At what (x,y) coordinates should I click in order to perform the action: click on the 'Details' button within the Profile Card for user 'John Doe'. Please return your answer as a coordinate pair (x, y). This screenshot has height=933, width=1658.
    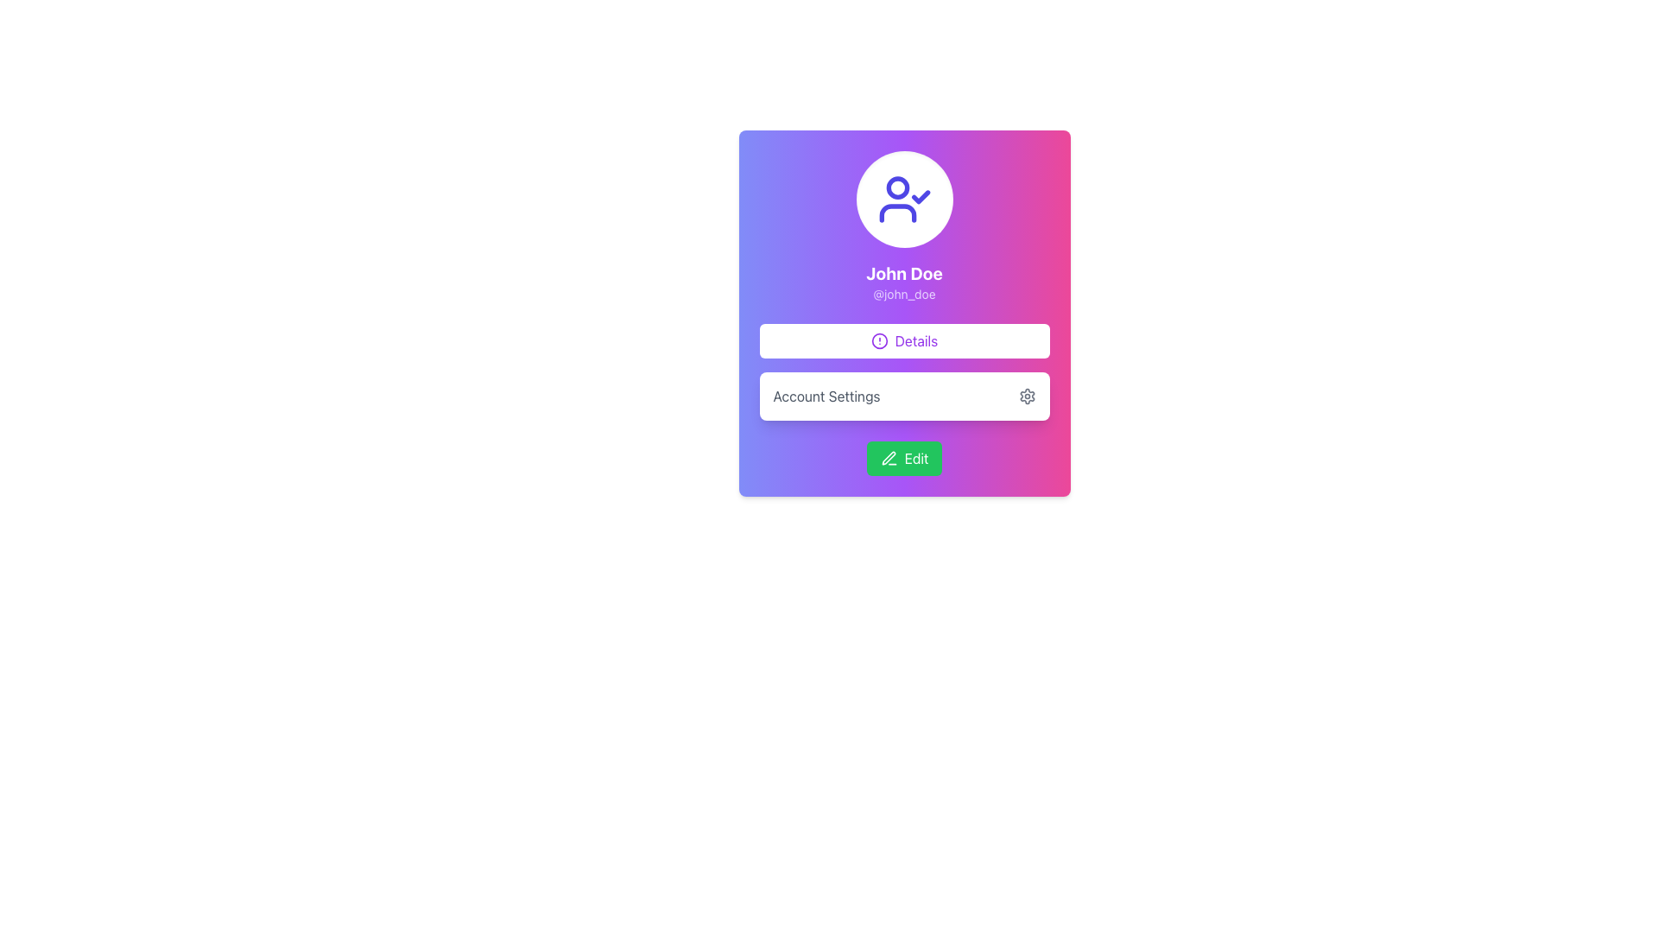
    Looking at the image, I should click on (903, 313).